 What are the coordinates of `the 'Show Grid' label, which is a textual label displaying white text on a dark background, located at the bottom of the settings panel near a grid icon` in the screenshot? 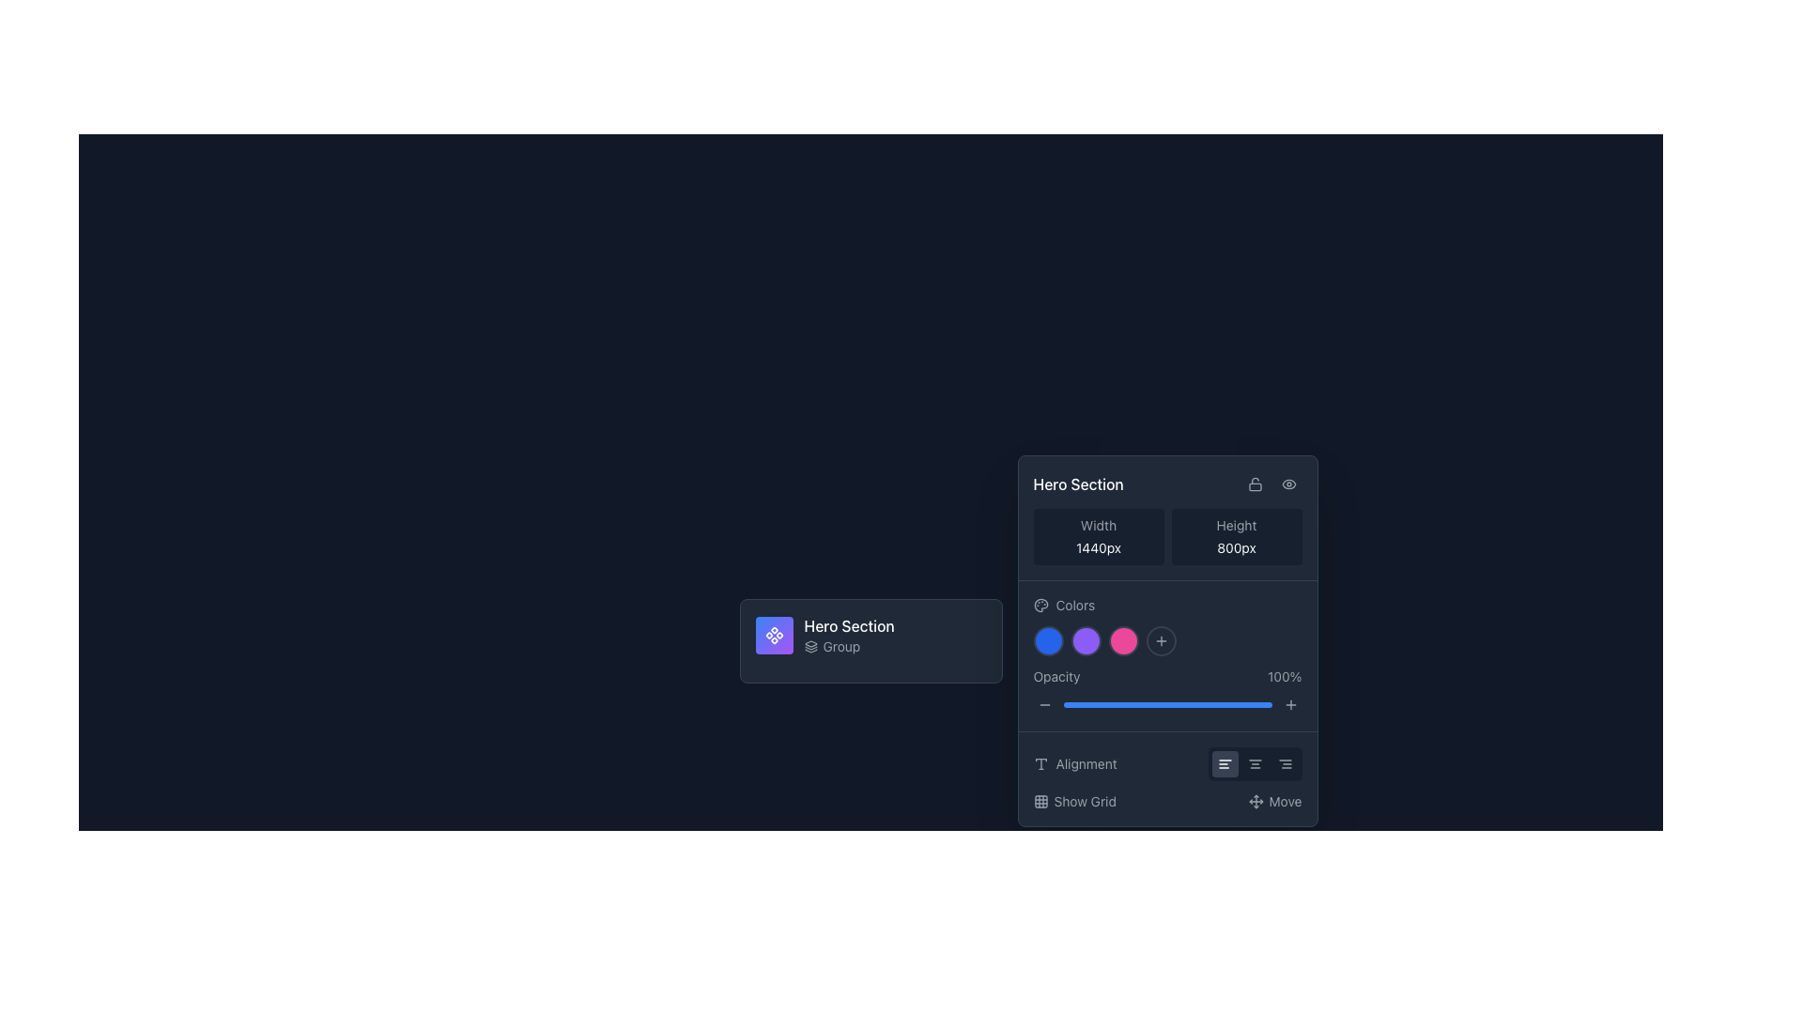 It's located at (1085, 801).